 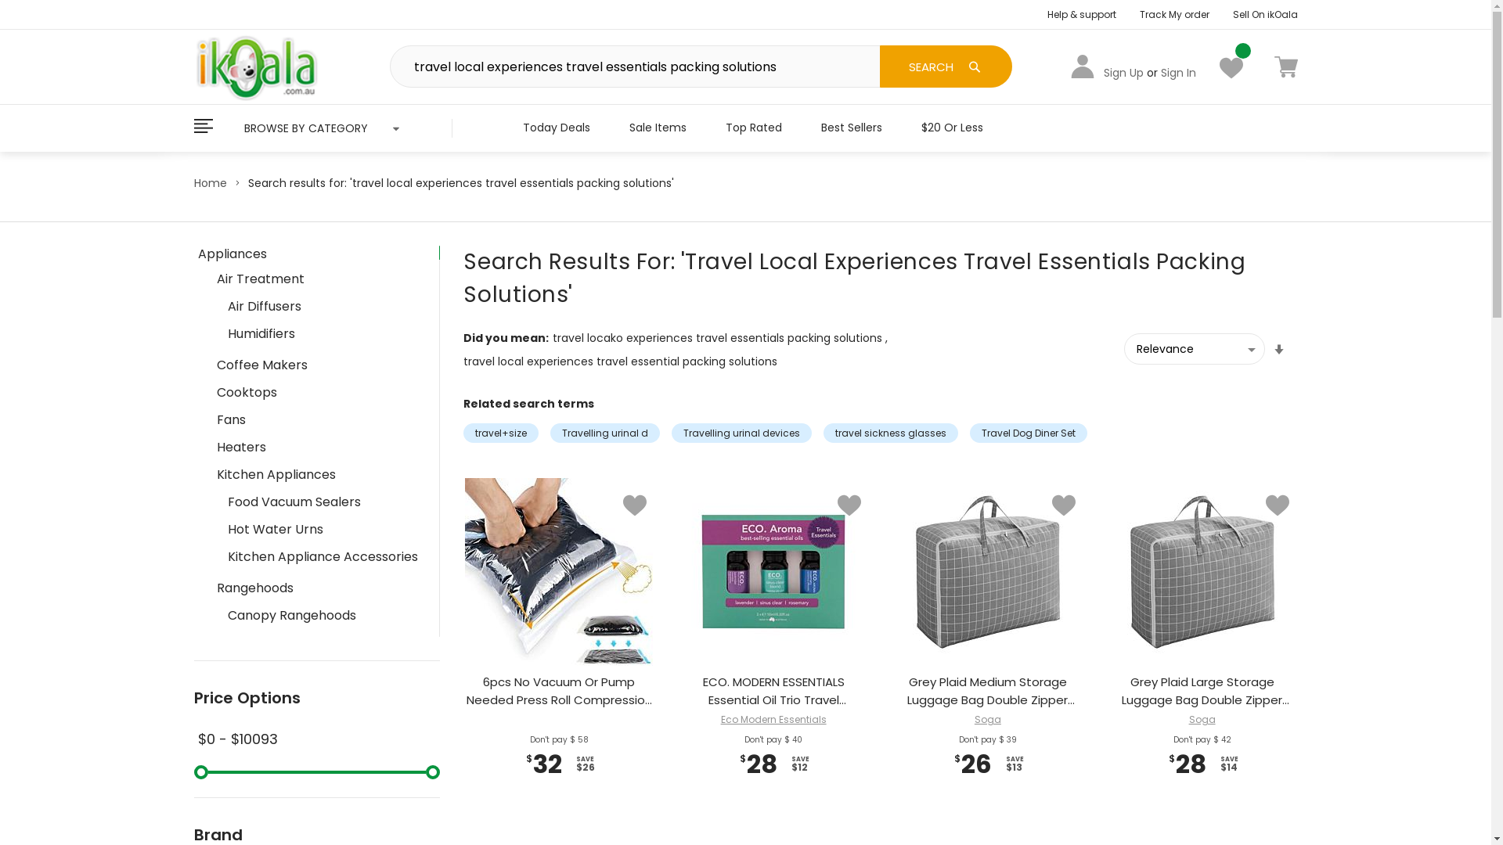 I want to click on 'Kitchen Appliances', so click(x=319, y=473).